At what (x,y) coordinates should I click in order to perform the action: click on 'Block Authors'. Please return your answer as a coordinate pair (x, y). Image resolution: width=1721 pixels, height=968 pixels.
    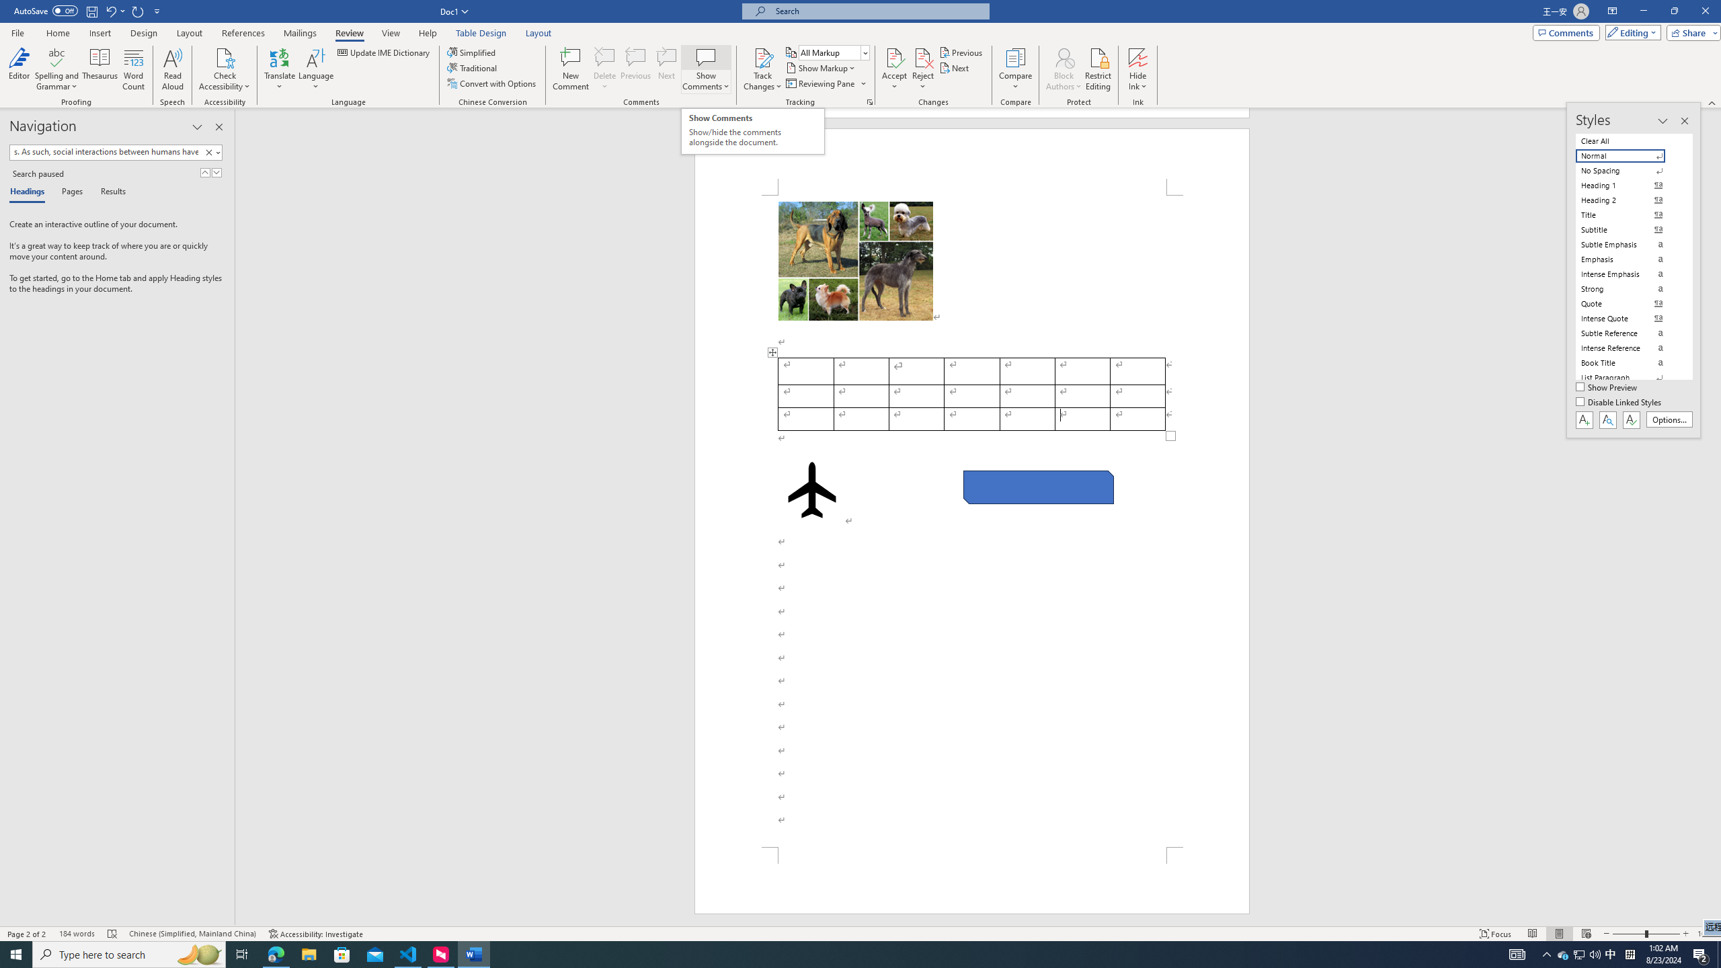
    Looking at the image, I should click on (1064, 56).